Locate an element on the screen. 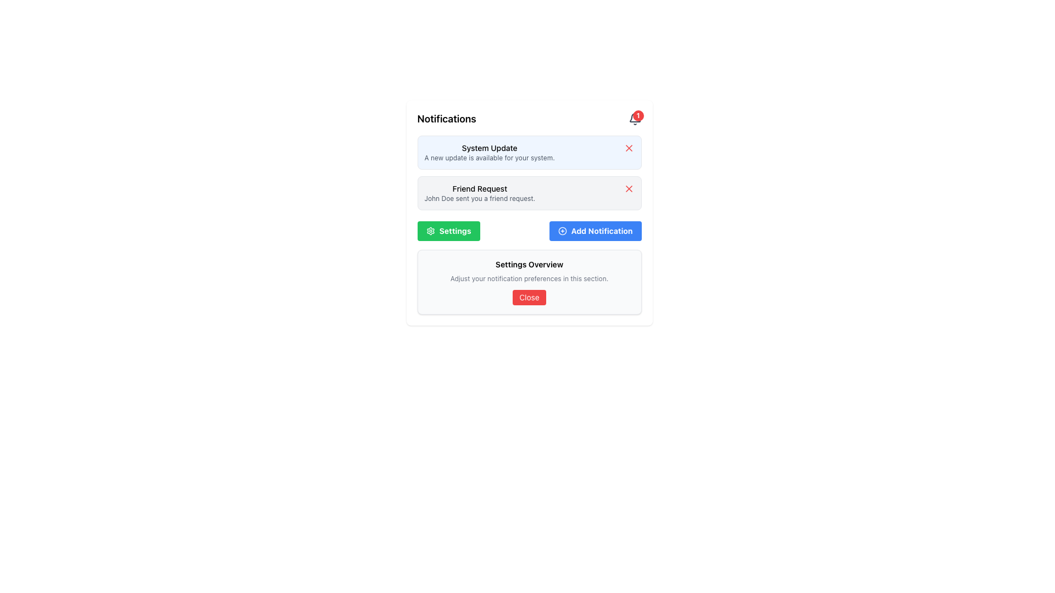 The height and width of the screenshot is (593, 1055). the notification display element that informs the user about a system update, located at the top of the notification panel with a light blue background is located at coordinates (489, 152).